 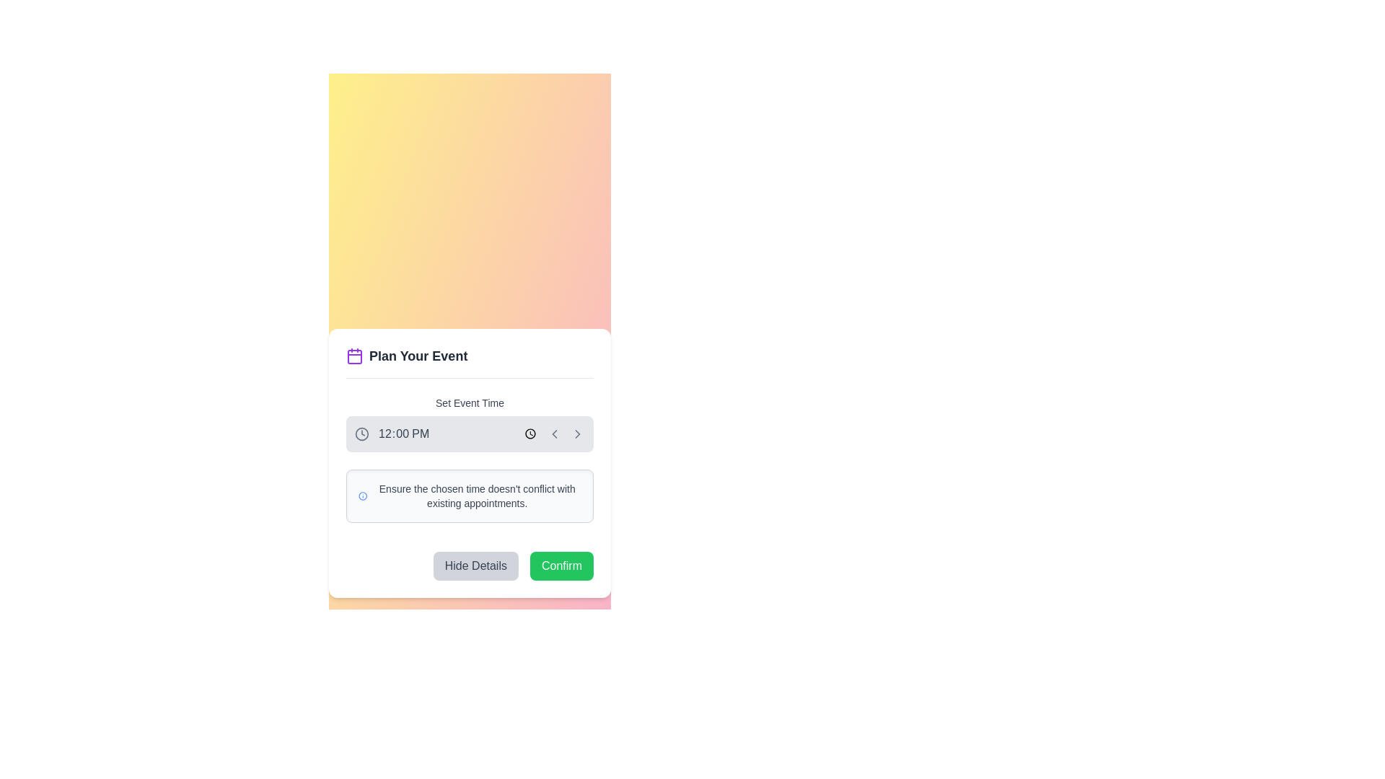 What do you see at coordinates (553, 433) in the screenshot?
I see `the small left-facing chevron icon button, which is positioned to the left of the right-facing chevron icon and is adjacent to the right side of the time input field displaying '12:00 PM', to decrement the time` at bounding box center [553, 433].